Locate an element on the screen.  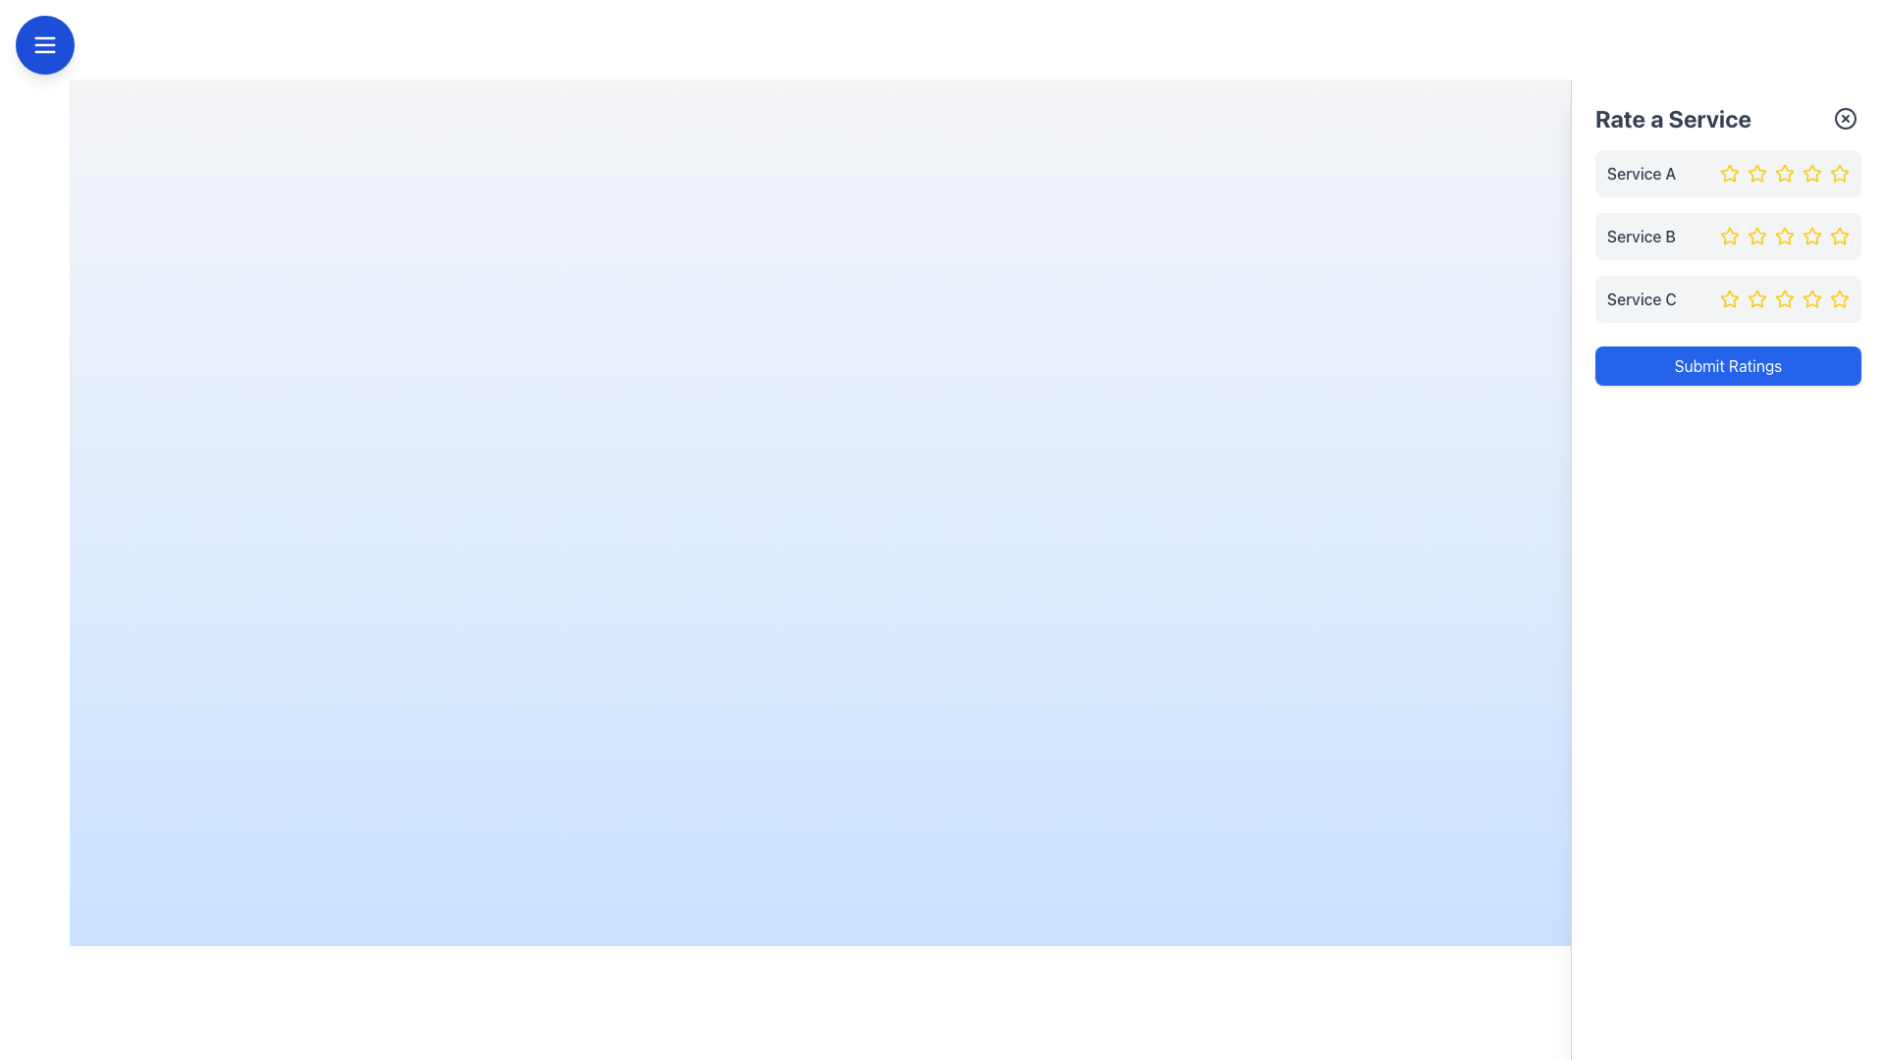
the second star icon in the five-star rating system under 'Rate a Service' labeled 'Service A' is located at coordinates (1757, 173).